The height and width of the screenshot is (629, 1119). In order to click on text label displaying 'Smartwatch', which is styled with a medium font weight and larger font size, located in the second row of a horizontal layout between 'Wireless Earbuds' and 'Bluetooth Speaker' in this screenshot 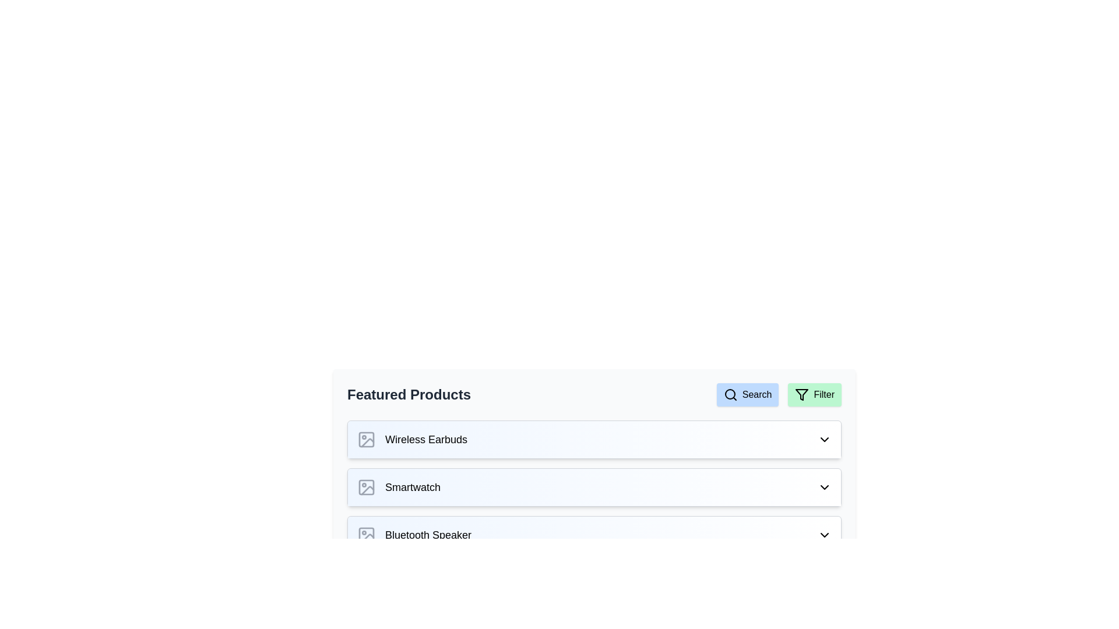, I will do `click(413, 487)`.